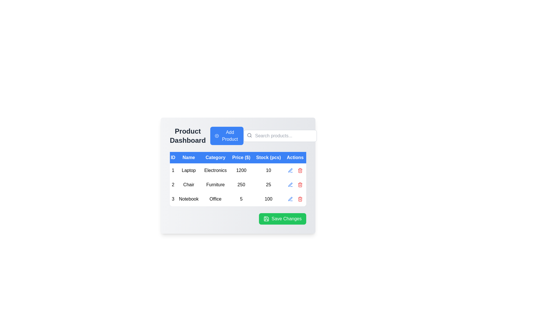 The image size is (550, 309). Describe the element at coordinates (300, 199) in the screenshot. I see `the small red trashcan icon in the 'Actions' column of the last row in the table` at that location.